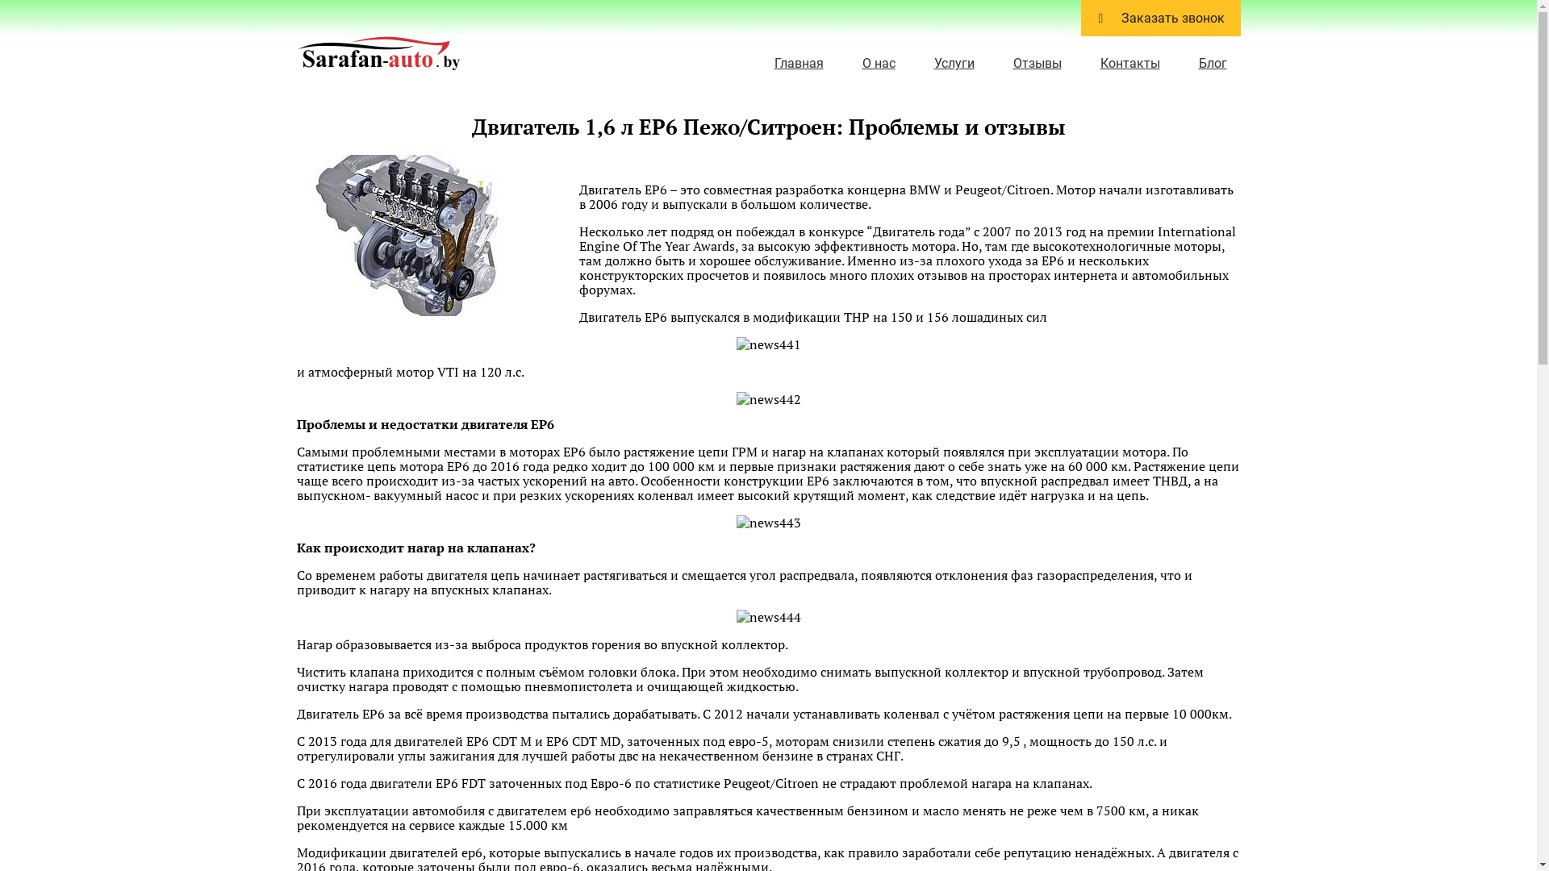 The image size is (1549, 871). Describe the element at coordinates (418, 235) in the screenshot. I see `'ep6'` at that location.